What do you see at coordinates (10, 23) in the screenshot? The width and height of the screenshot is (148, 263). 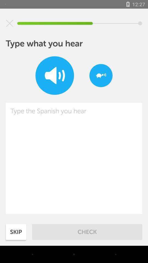 I see `exit` at bounding box center [10, 23].